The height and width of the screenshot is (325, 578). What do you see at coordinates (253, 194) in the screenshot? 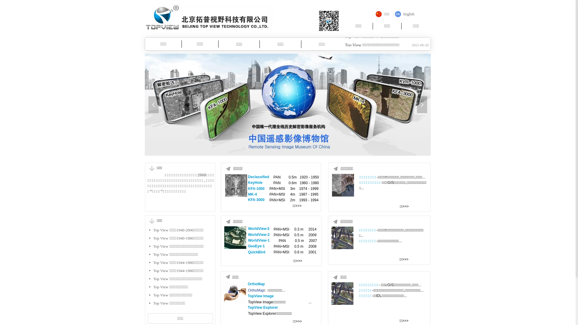
I see `'MK-4'` at bounding box center [253, 194].